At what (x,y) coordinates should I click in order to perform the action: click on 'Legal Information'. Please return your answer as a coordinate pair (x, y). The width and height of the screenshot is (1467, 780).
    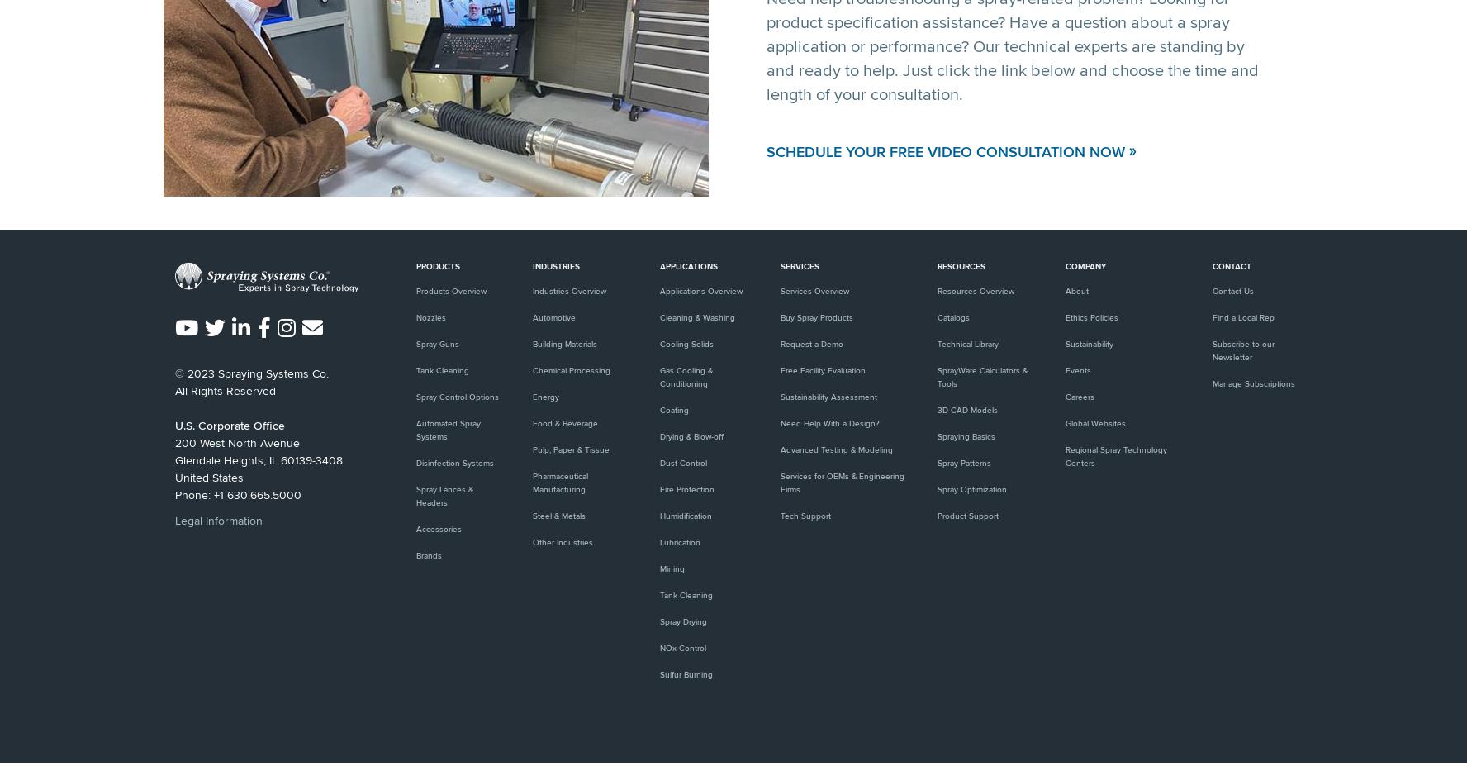
    Looking at the image, I should click on (173, 520).